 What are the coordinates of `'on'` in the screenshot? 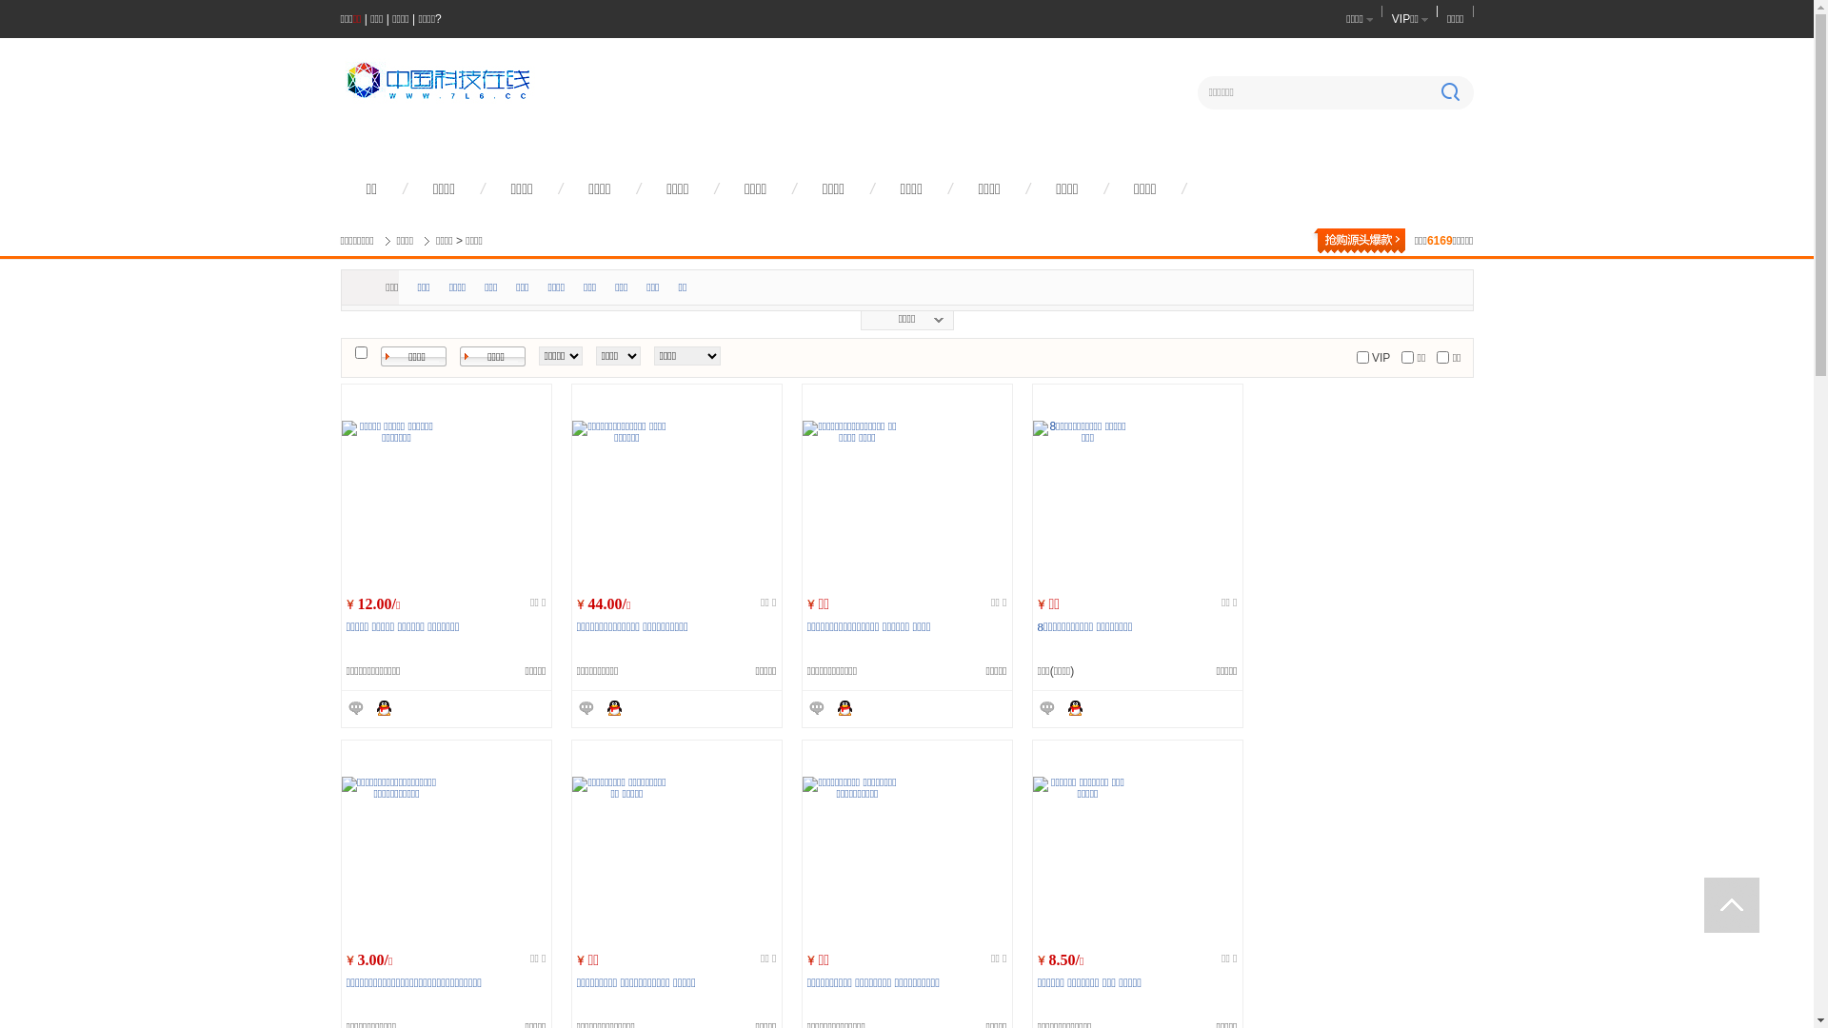 It's located at (1361, 357).